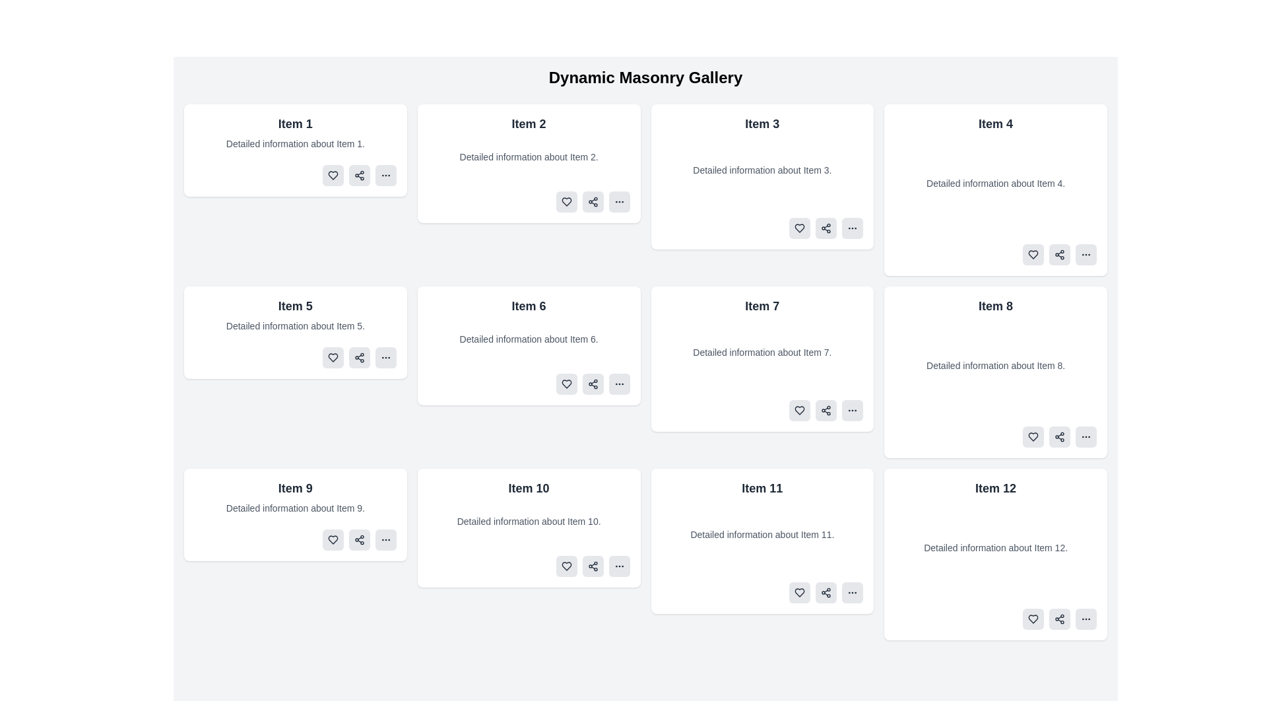  What do you see at coordinates (592, 565) in the screenshot?
I see `the 'Share' icon button located in the bottom right corner of the tile labeled 'Item 10'` at bounding box center [592, 565].